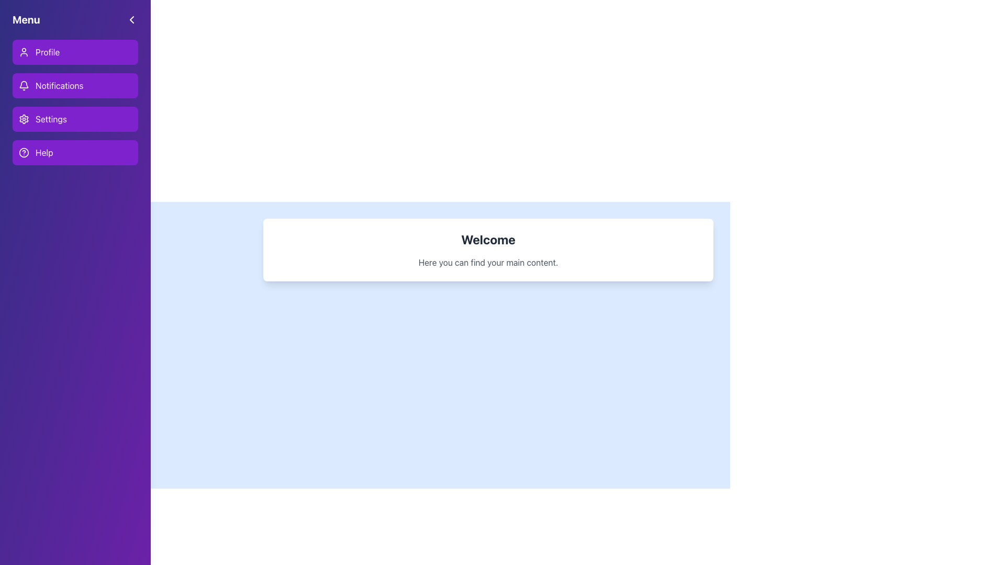 The width and height of the screenshot is (1005, 565). I want to click on the help button located in the sidebar menu, which is the fourth button in a vertical list, positioned below the 'Settings' button, so click(75, 153).